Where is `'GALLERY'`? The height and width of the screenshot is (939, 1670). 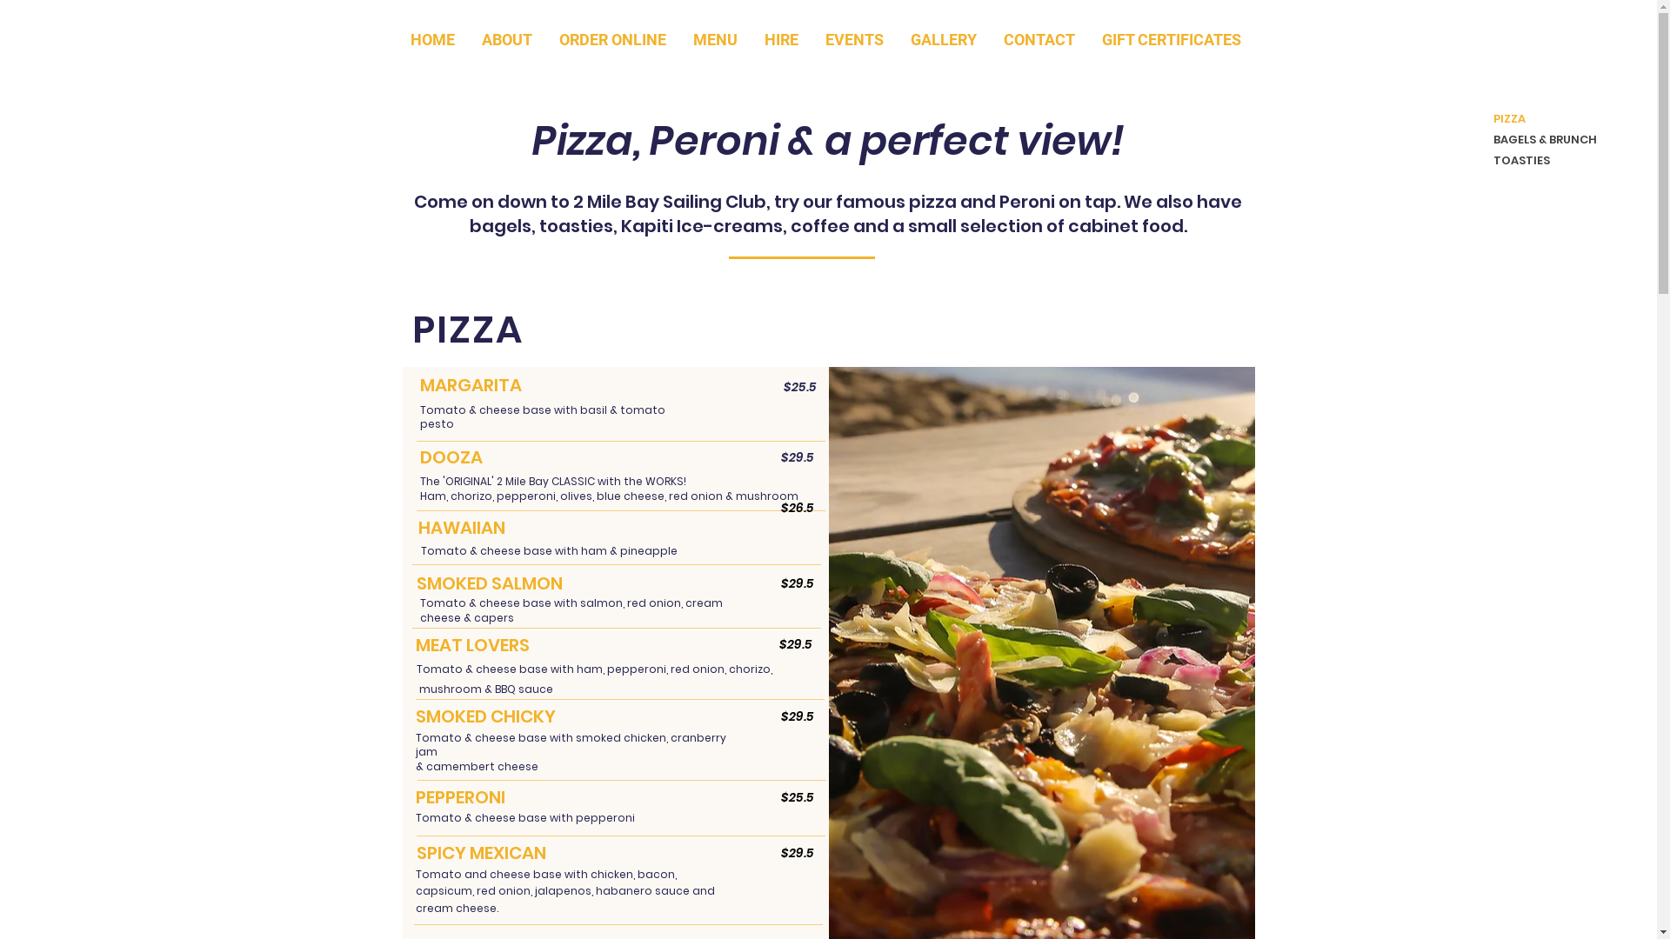
'GALLERY' is located at coordinates (943, 39).